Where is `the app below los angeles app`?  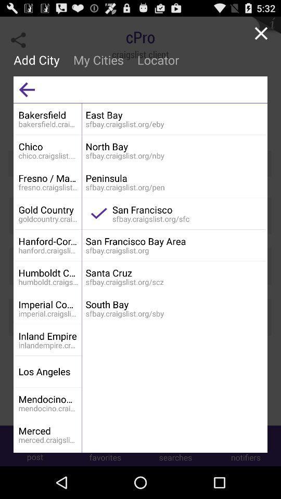
the app below los angeles app is located at coordinates (48, 399).